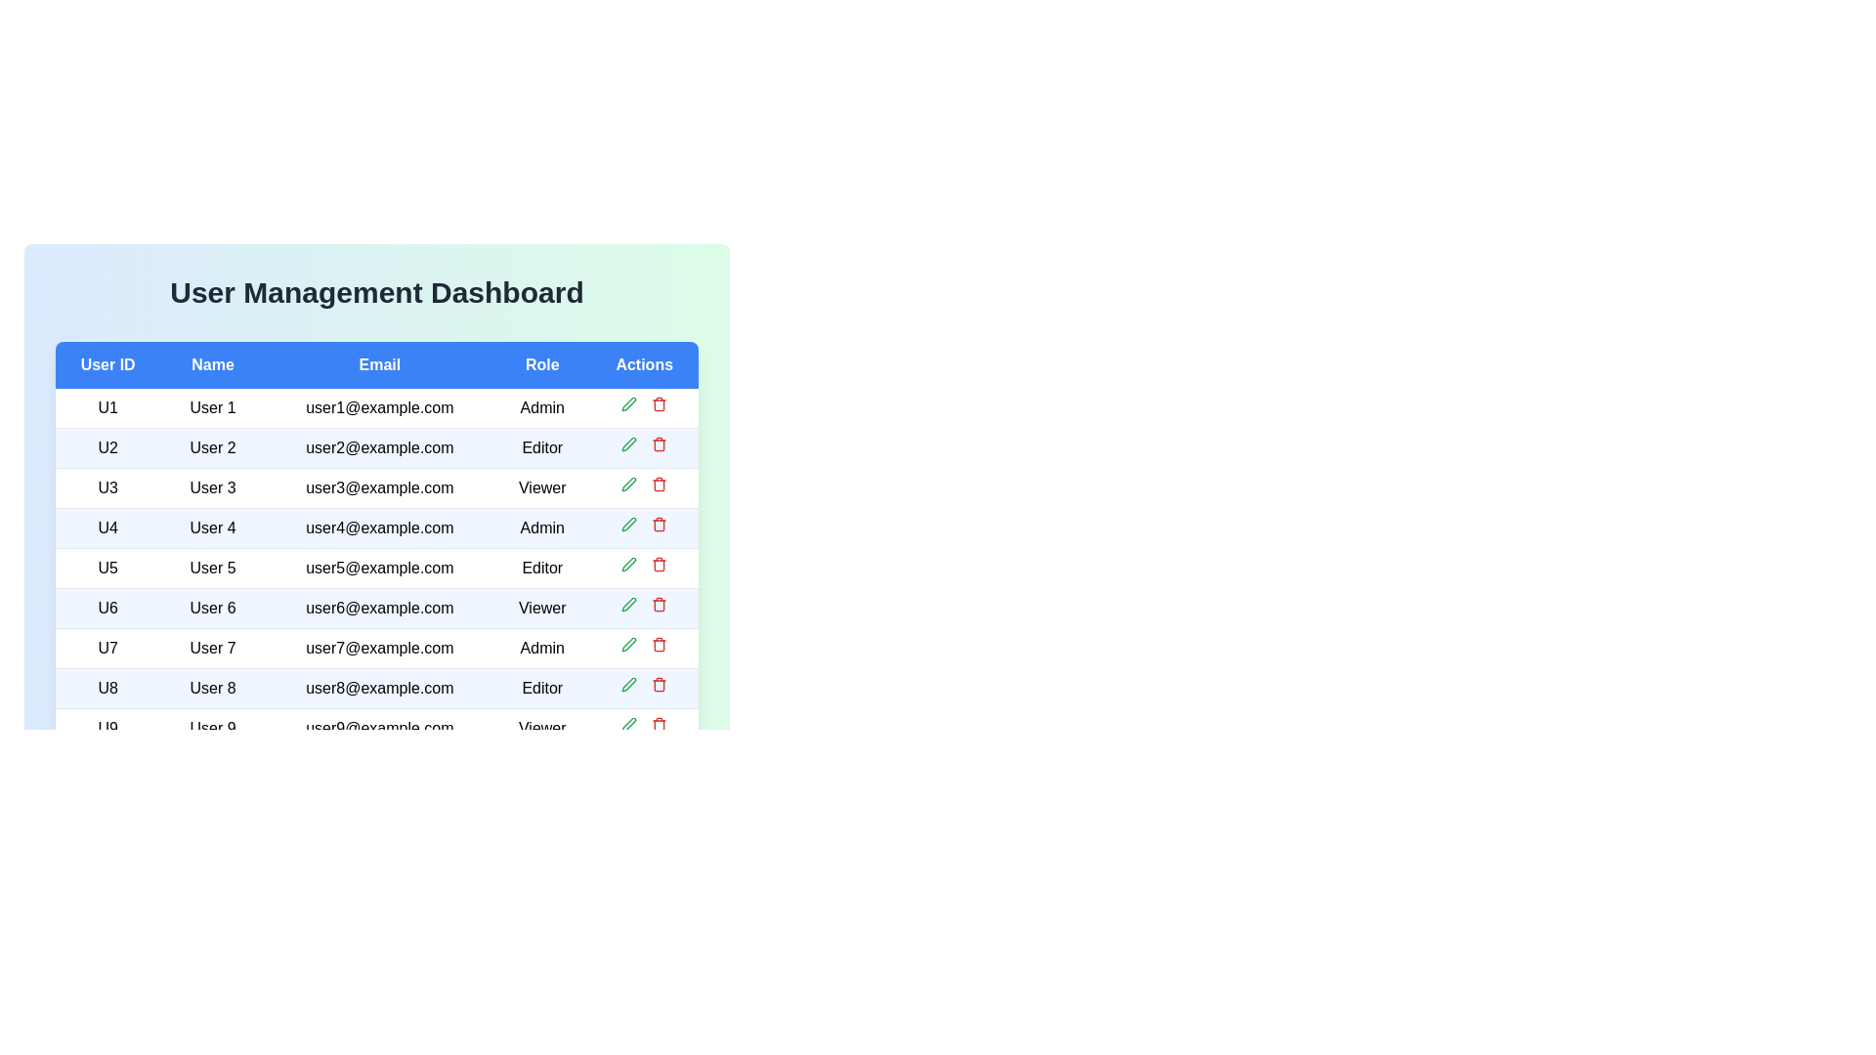  I want to click on delete button for the user with ID U4, so click(660, 523).